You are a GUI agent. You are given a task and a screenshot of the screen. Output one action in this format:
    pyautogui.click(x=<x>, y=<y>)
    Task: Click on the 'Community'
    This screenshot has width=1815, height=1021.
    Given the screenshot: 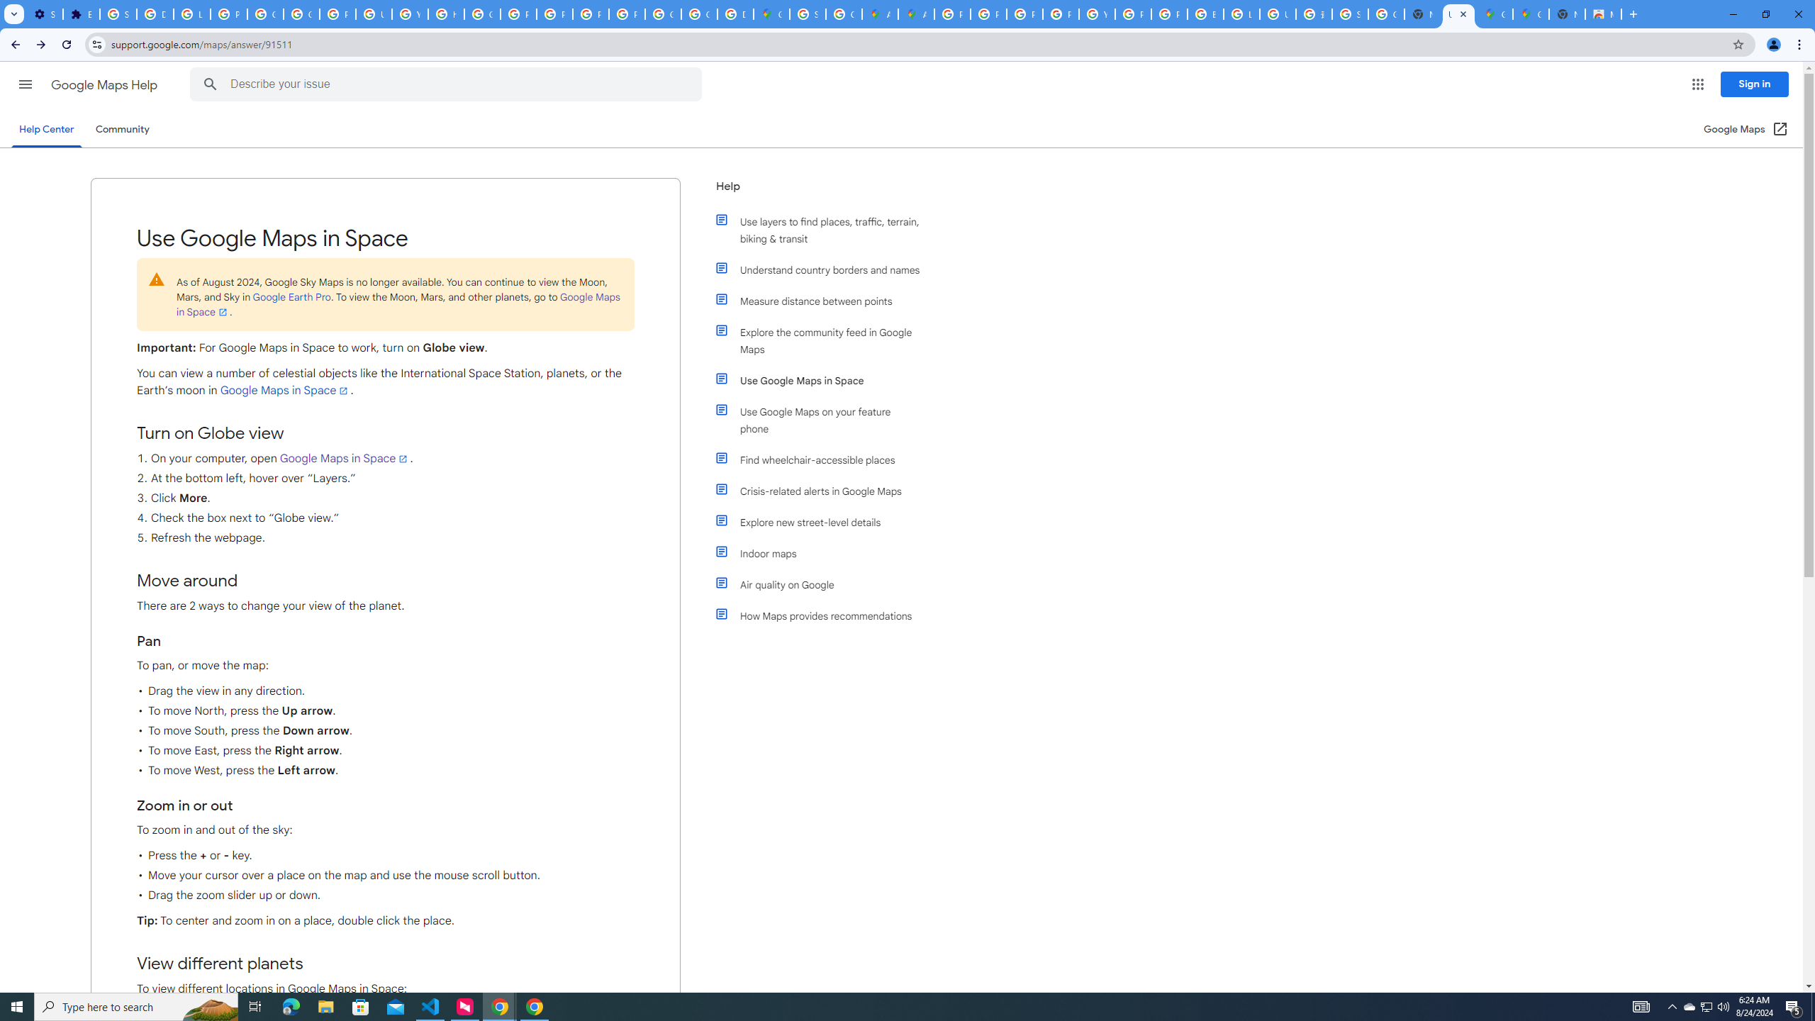 What is the action you would take?
    pyautogui.click(x=121, y=128)
    